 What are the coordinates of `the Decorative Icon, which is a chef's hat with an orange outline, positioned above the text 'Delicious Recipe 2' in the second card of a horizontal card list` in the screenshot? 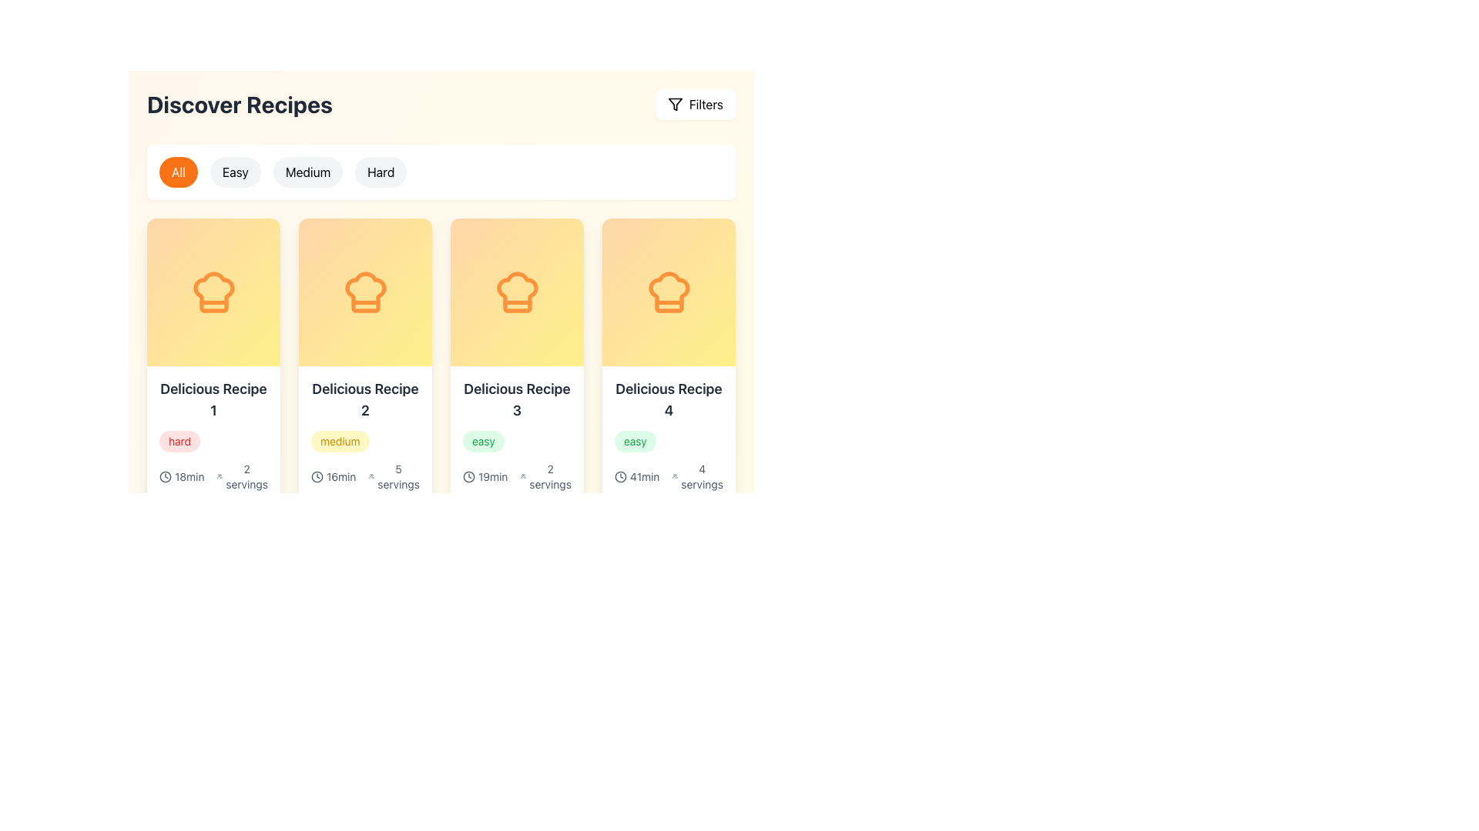 It's located at (364, 292).